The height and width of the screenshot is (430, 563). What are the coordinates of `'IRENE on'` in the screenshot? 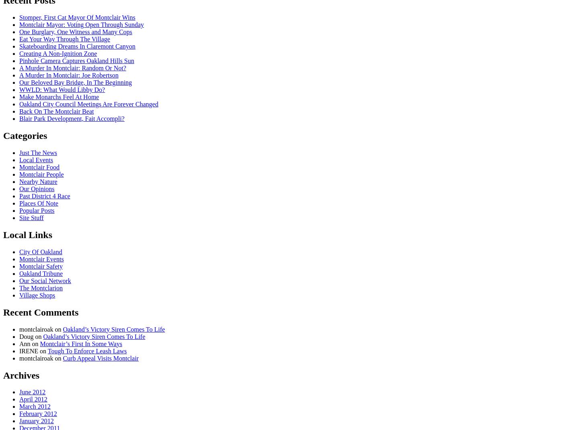 It's located at (33, 351).